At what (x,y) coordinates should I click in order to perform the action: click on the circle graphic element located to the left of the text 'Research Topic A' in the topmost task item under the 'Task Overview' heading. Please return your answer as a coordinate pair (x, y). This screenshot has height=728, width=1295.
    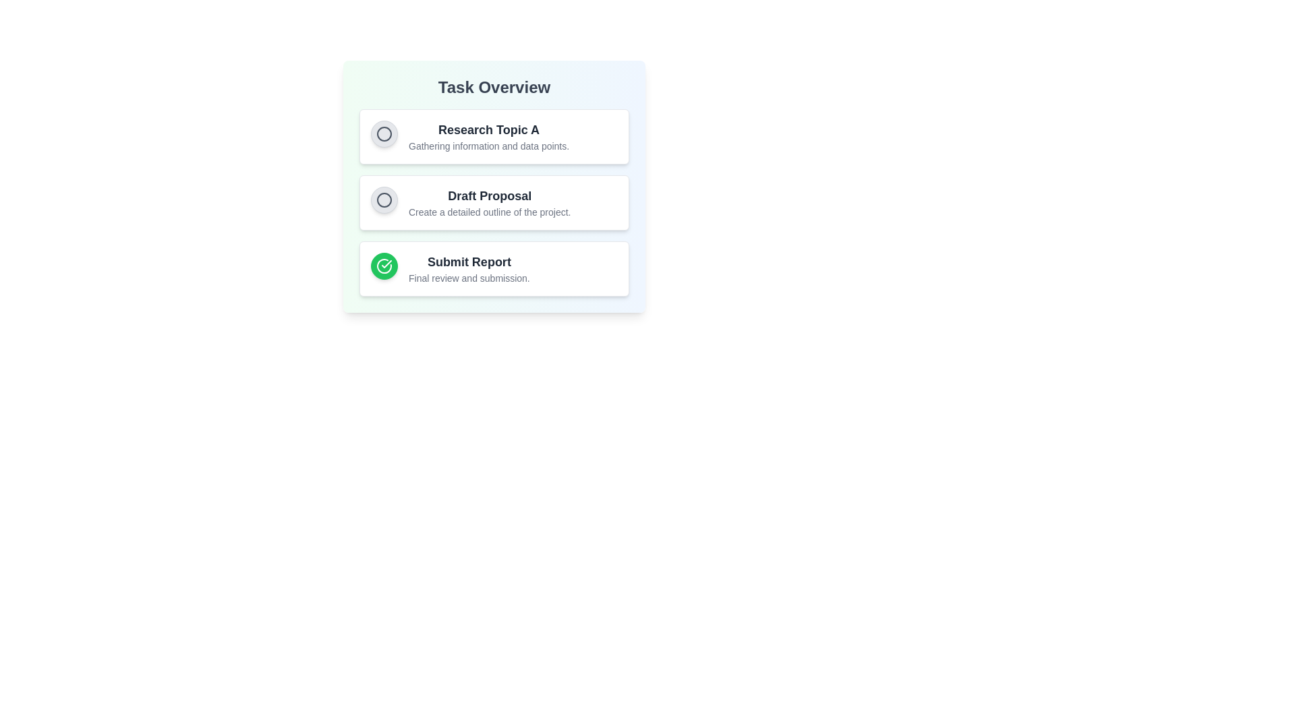
    Looking at the image, I should click on (384, 134).